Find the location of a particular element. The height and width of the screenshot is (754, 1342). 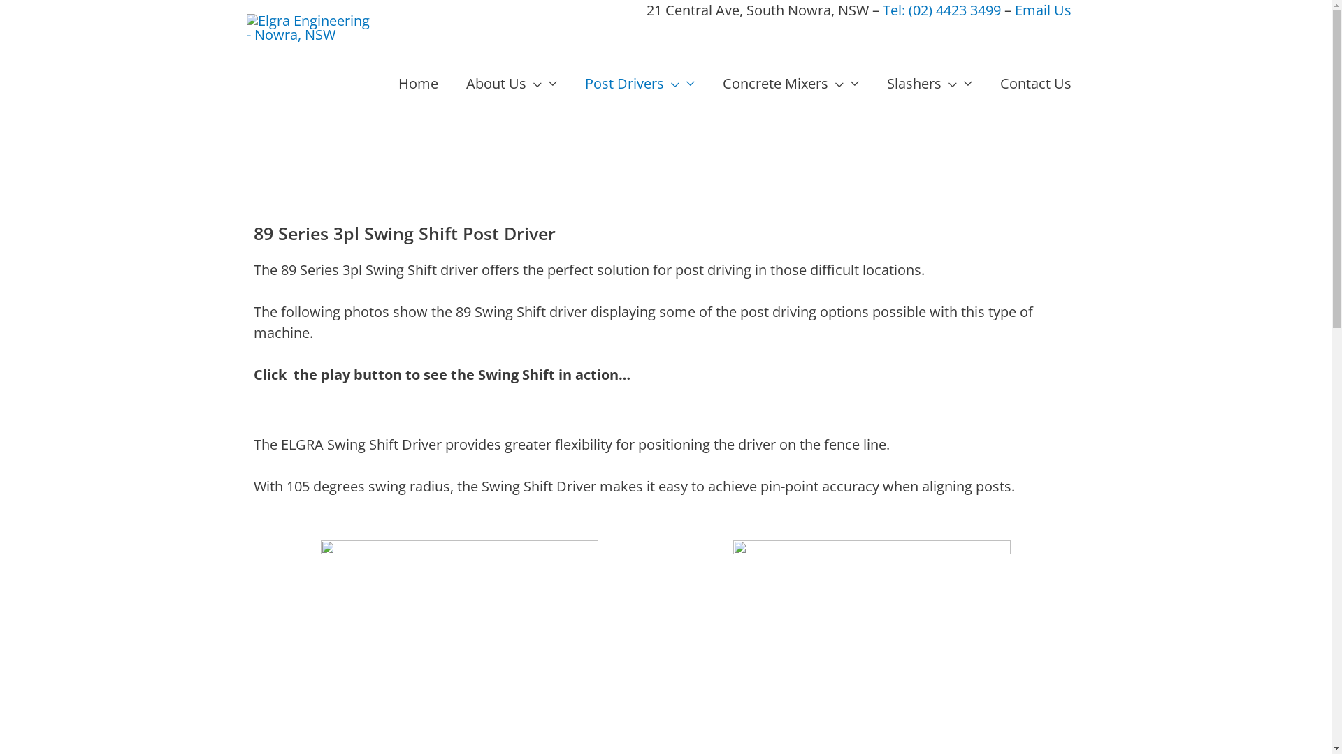

'Post Drivers' is located at coordinates (638, 83).